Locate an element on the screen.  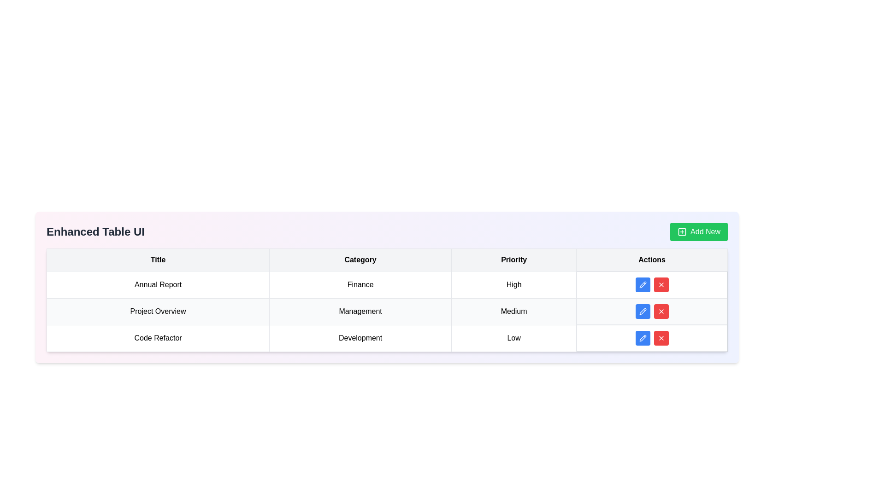
the 'Actions' column header in the table, which is the fourth column header with a gray background and bold black text is located at coordinates (651, 260).